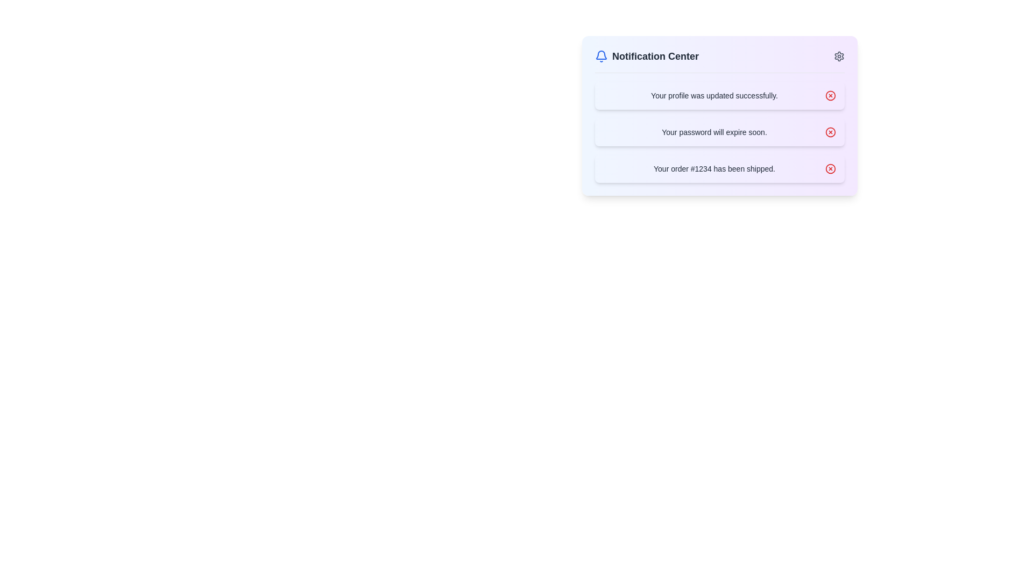  I want to click on the 'Notification Center' text label, which is styled with a bold font in dark gray, located prominently in the notification interface above the list of notifications, so click(655, 56).